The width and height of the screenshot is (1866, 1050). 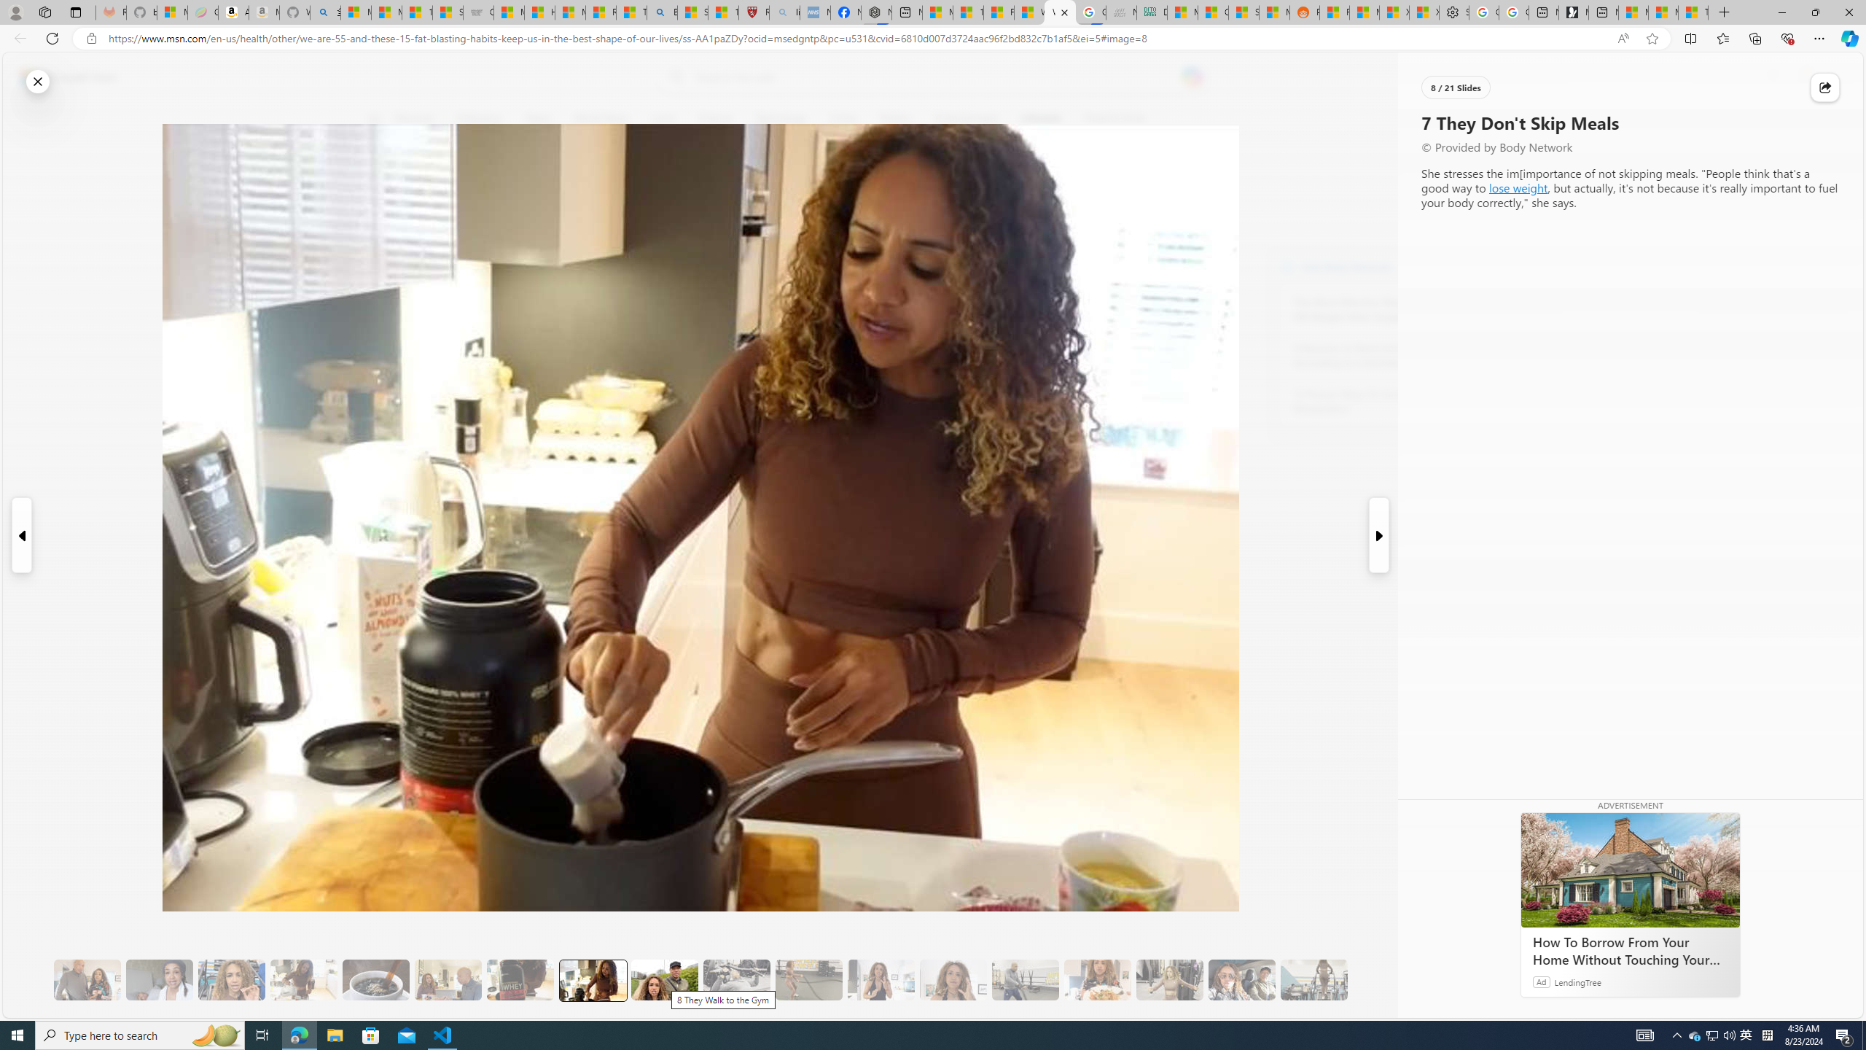 What do you see at coordinates (303, 980) in the screenshot?
I see `'3 They Drink Lemon Tea'` at bounding box center [303, 980].